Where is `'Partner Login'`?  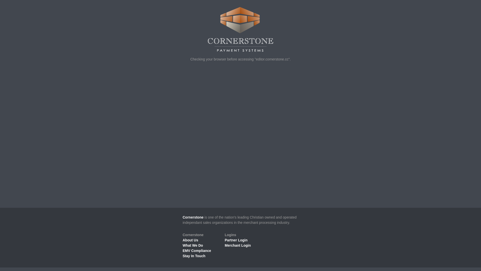
'Partner Login' is located at coordinates (236, 240).